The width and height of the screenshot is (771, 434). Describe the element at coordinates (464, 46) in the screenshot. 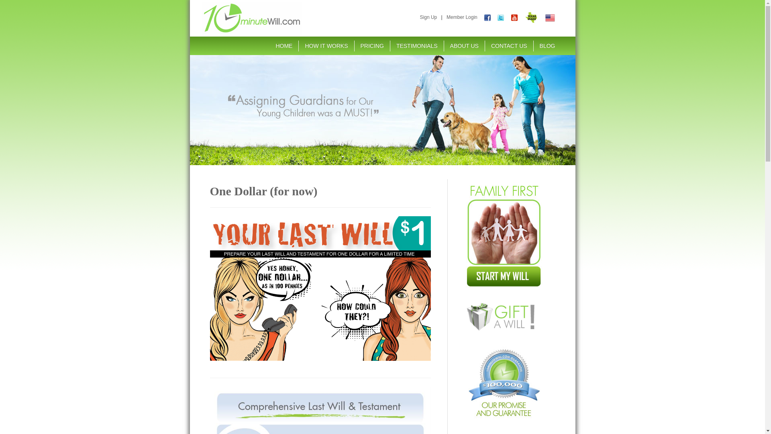

I see `'ABOUT US'` at that location.